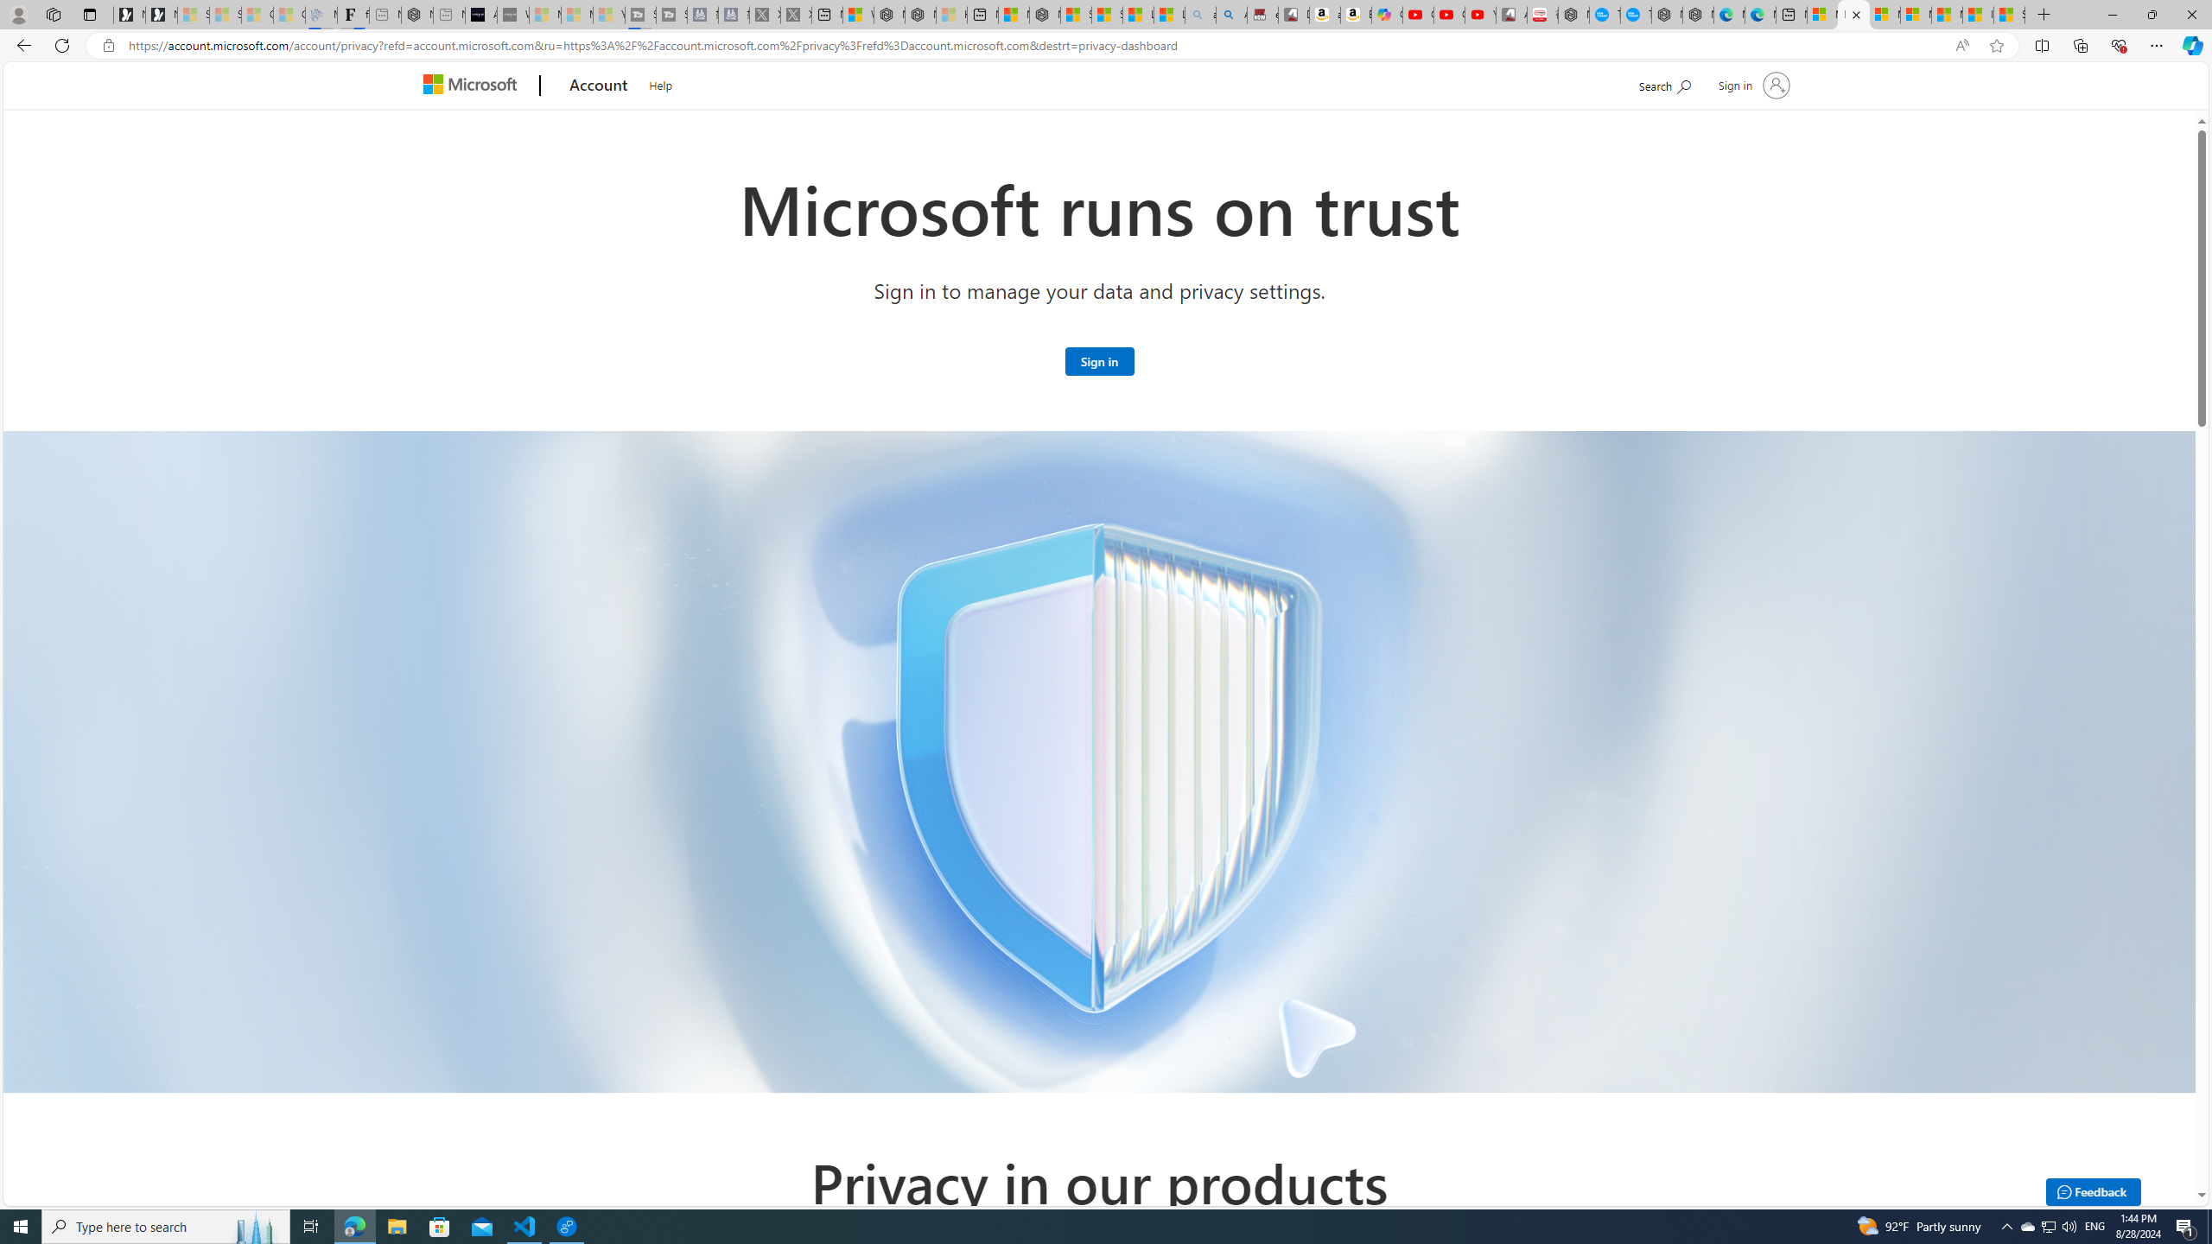 The height and width of the screenshot is (1244, 2212). Describe the element at coordinates (1044, 14) in the screenshot. I see `'Nordace - Nordace Siena Is Not An Ordinary Backpack'` at that location.